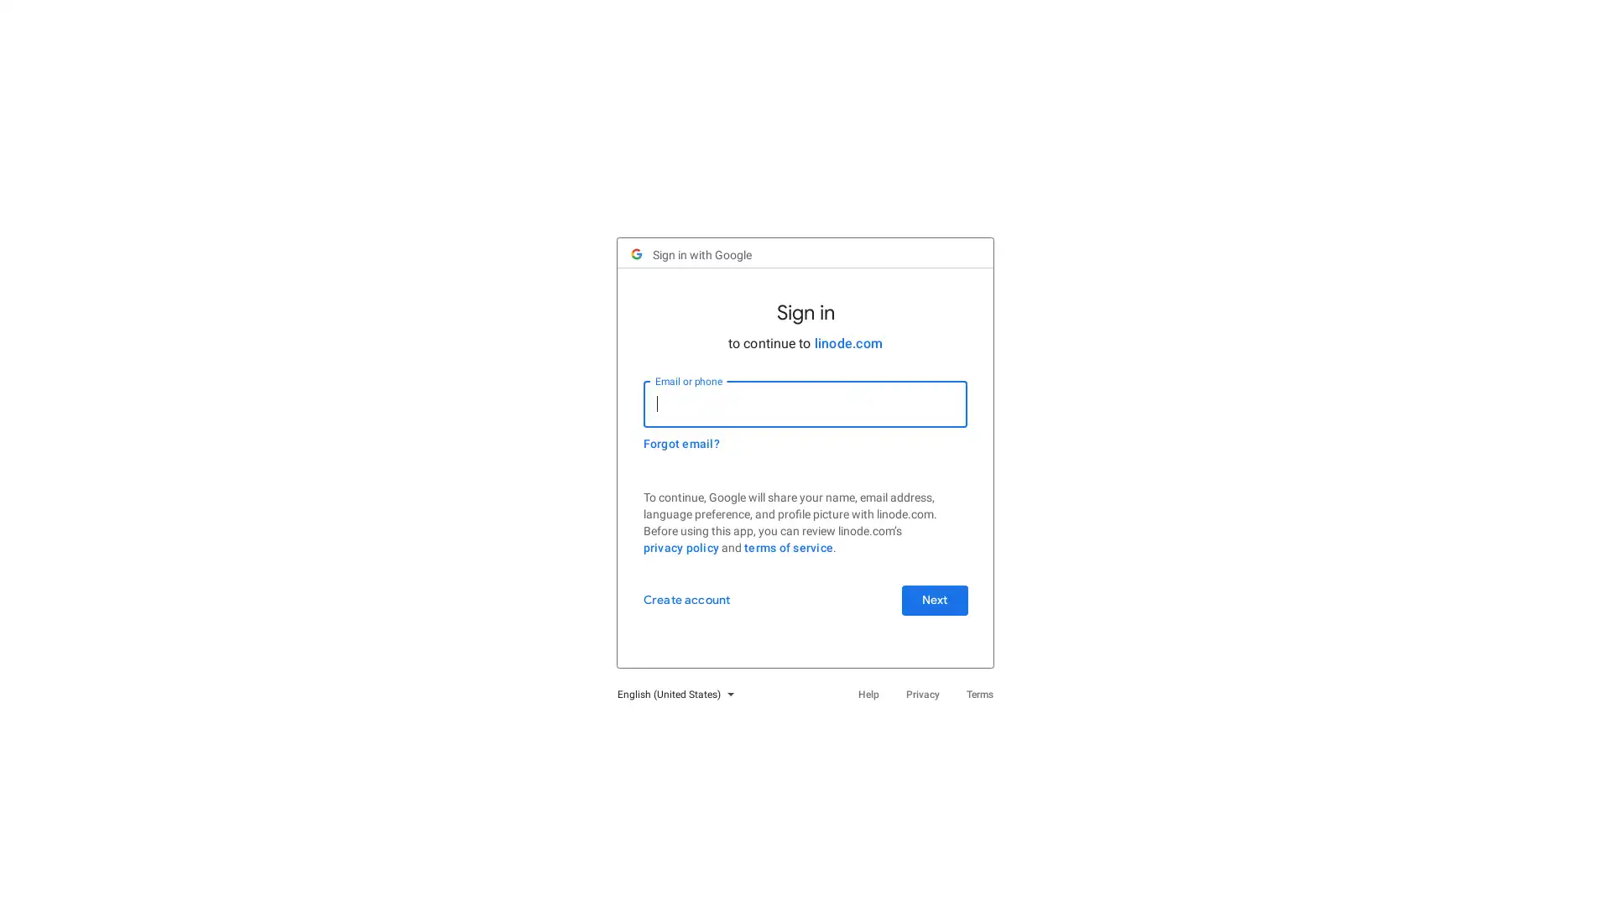 The image size is (1611, 906). I want to click on Create account, so click(694, 606).